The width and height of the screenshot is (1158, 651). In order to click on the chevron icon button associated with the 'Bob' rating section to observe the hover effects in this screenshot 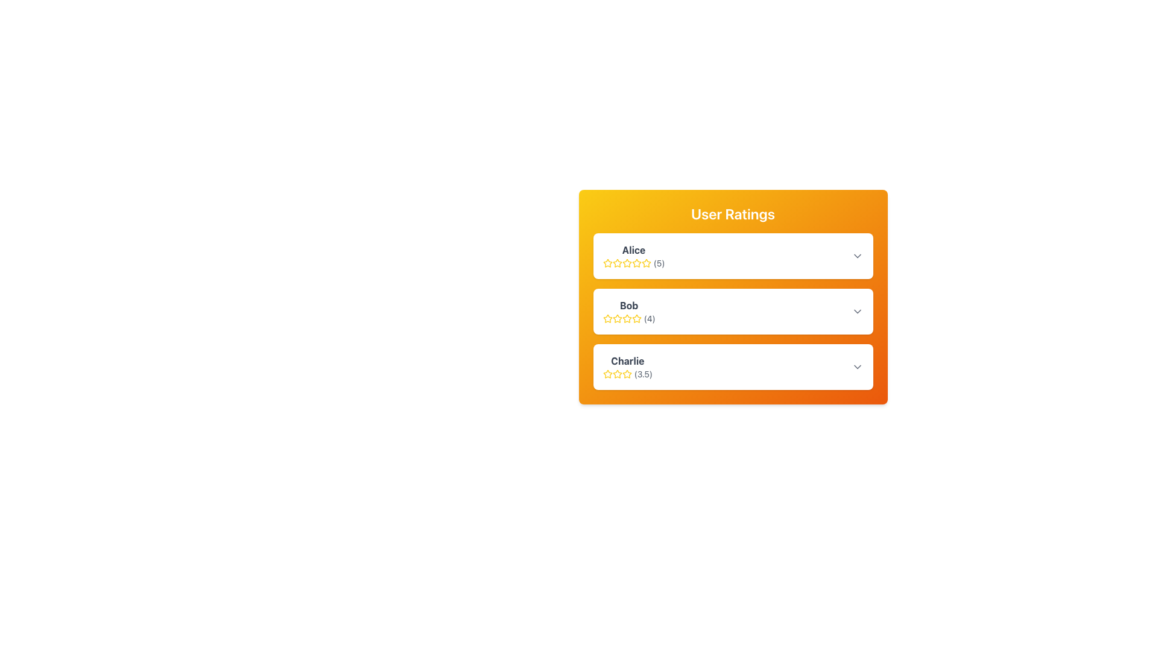, I will do `click(856, 310)`.